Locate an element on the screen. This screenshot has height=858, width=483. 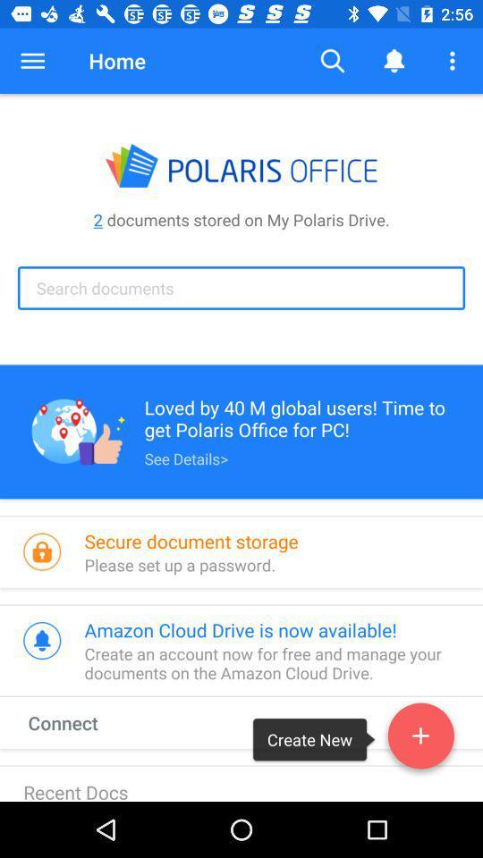
item to the left of create new icon is located at coordinates (79, 722).